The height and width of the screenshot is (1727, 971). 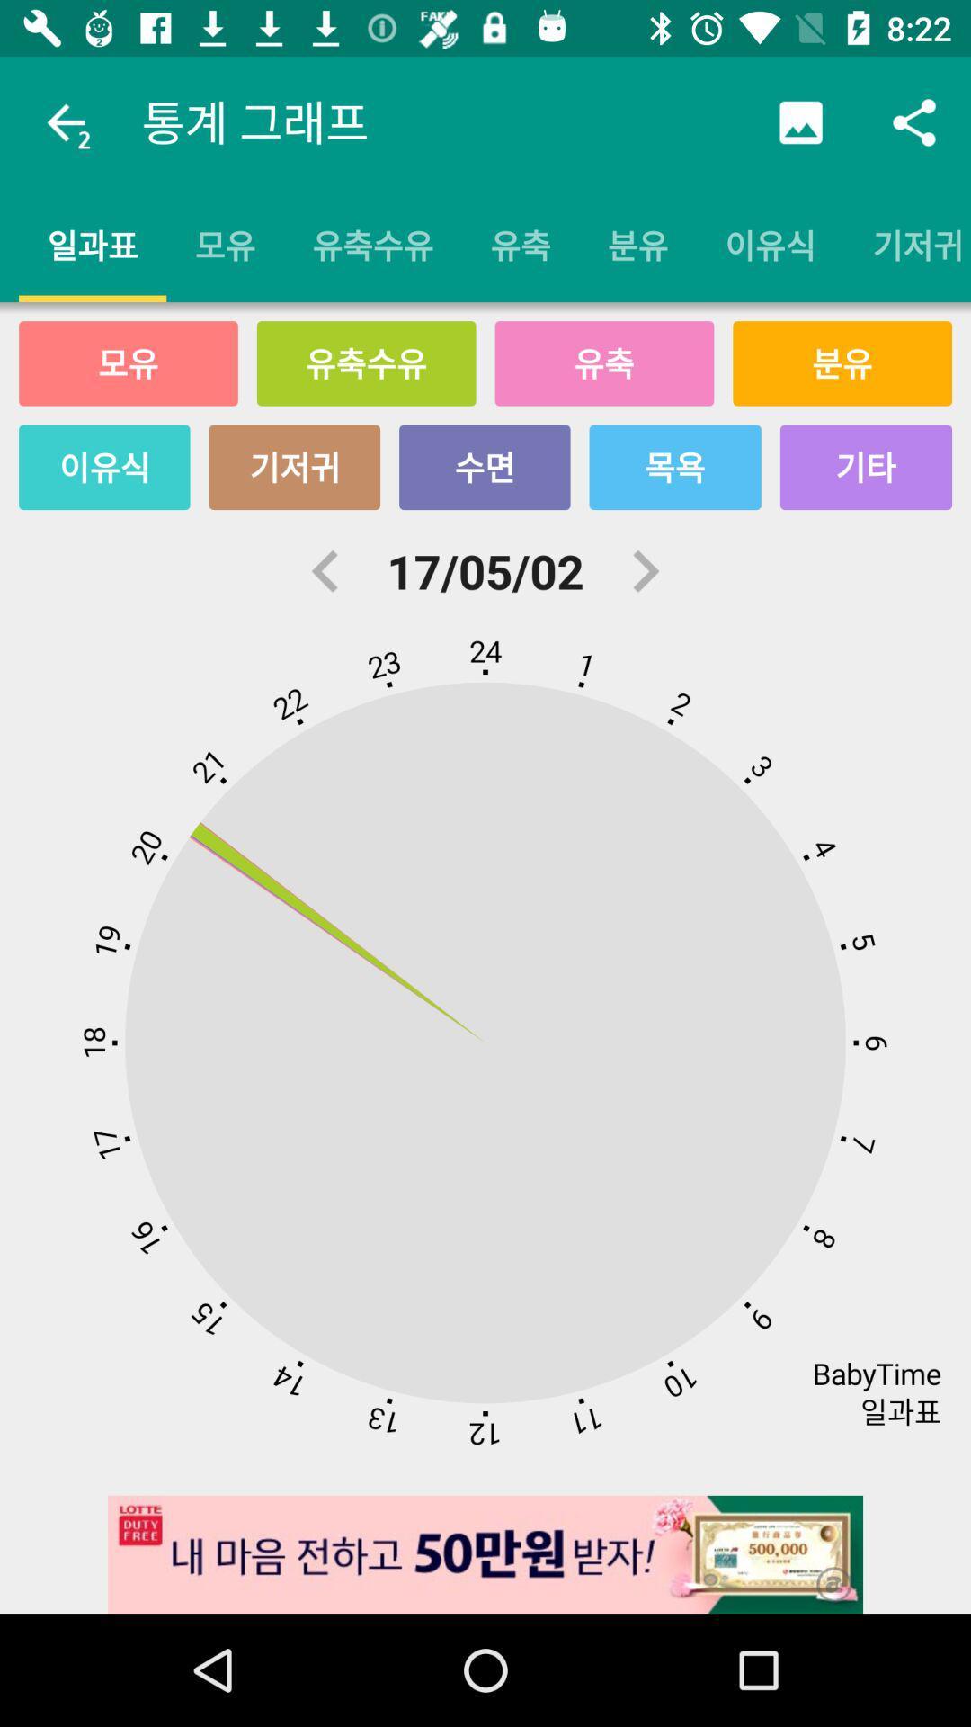 What do you see at coordinates (325, 570) in the screenshot?
I see `the icon next to the 17/05/02` at bounding box center [325, 570].